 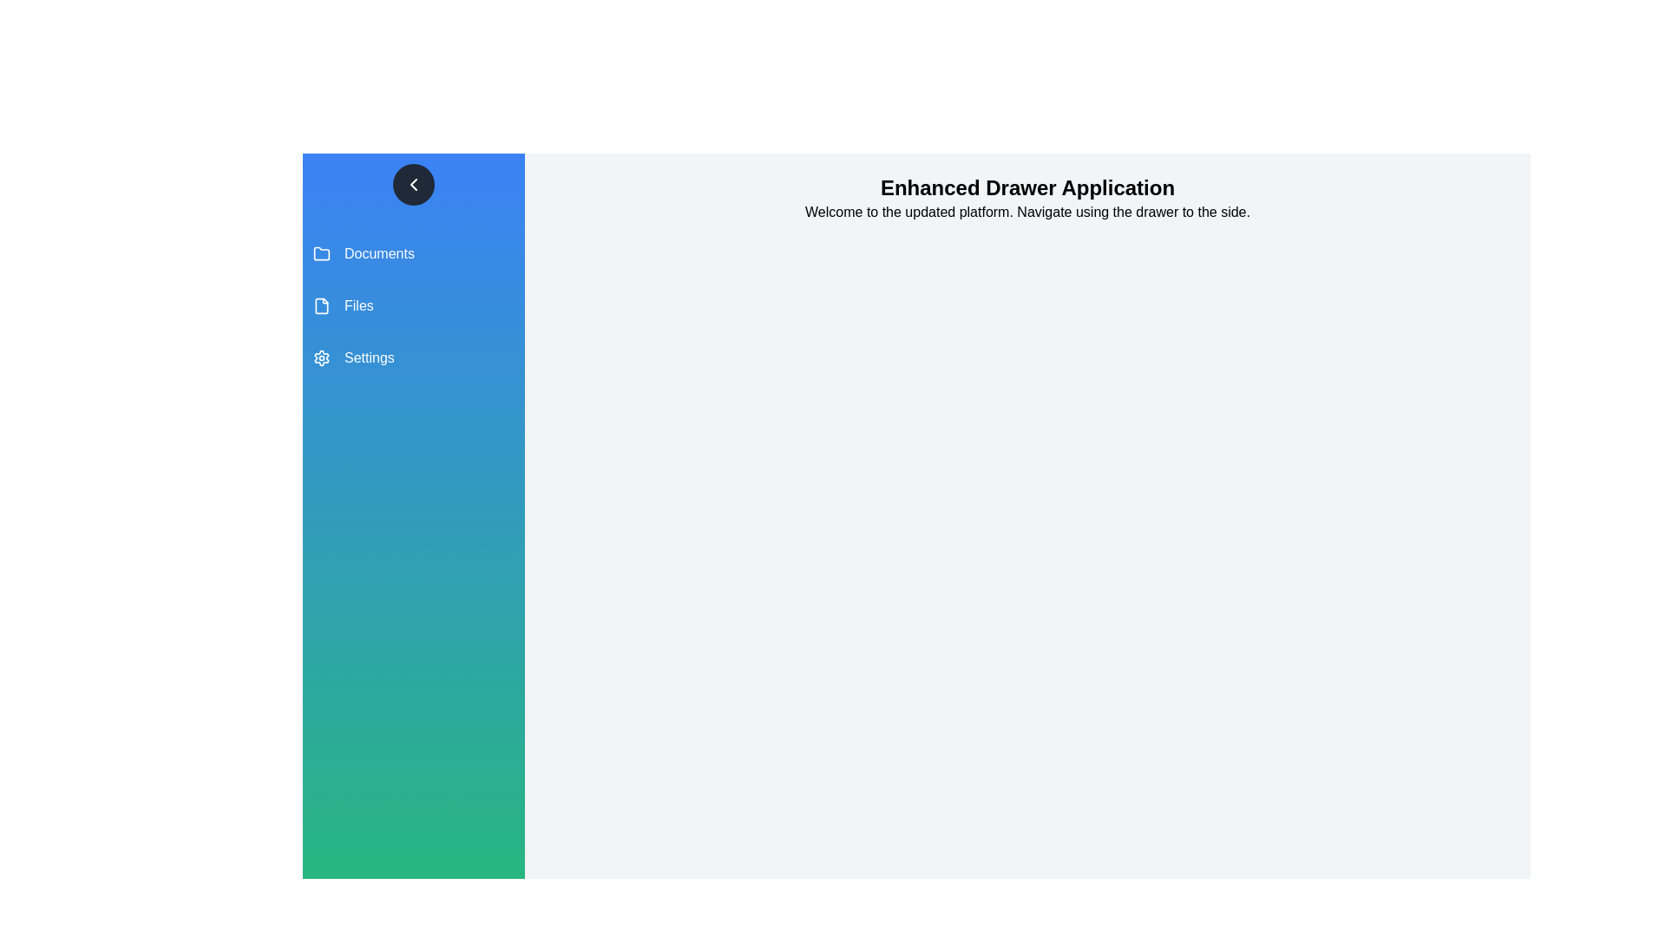 What do you see at coordinates (412, 305) in the screenshot?
I see `the menu item Files to navigate` at bounding box center [412, 305].